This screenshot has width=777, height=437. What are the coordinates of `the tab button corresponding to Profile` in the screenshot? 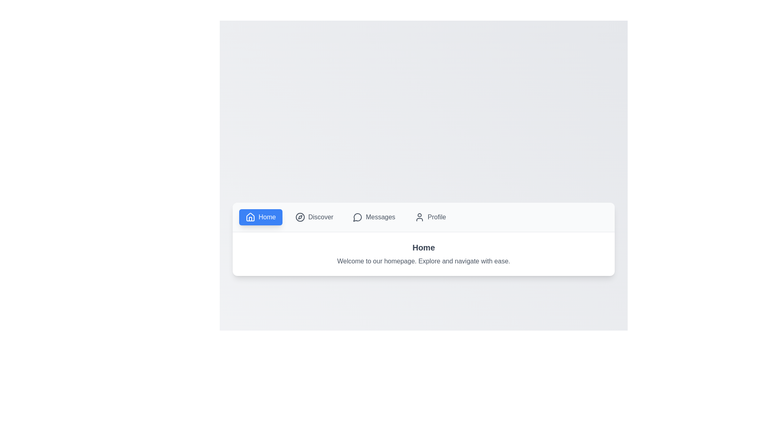 It's located at (429, 216).